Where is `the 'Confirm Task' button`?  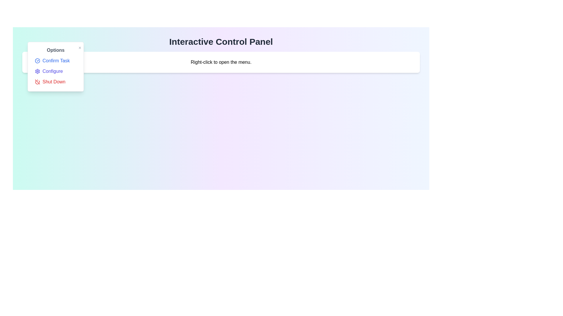 the 'Confirm Task' button is located at coordinates (56, 61).